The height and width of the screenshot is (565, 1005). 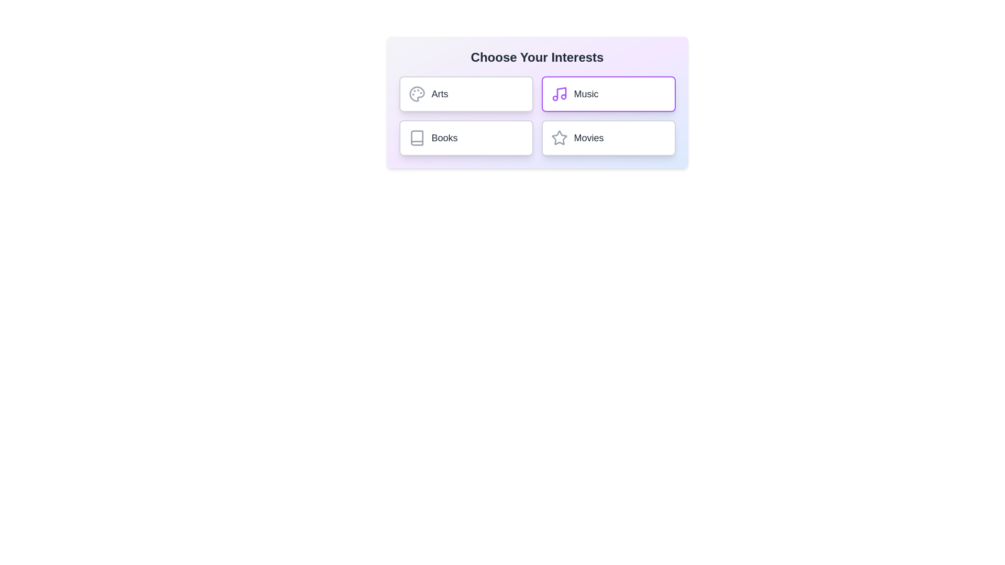 I want to click on the chip labeled Arts, so click(x=465, y=94).